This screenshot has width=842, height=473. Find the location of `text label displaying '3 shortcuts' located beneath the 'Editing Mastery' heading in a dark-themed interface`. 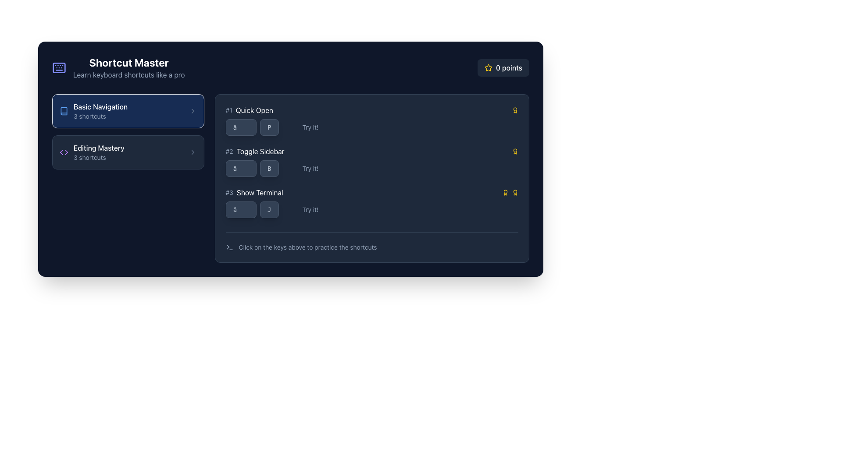

text label displaying '3 shortcuts' located beneath the 'Editing Mastery' heading in a dark-themed interface is located at coordinates (99, 157).